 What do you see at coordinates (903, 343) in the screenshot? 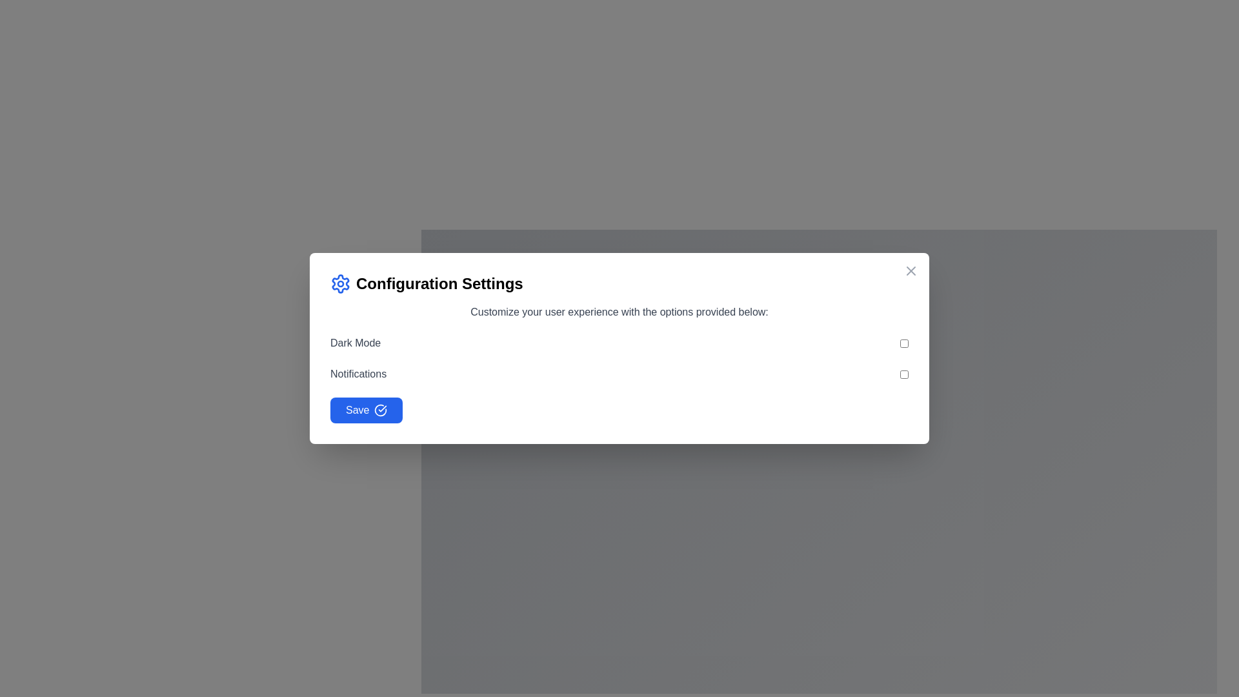
I see `the checkbox styled as a toggle button` at bounding box center [903, 343].